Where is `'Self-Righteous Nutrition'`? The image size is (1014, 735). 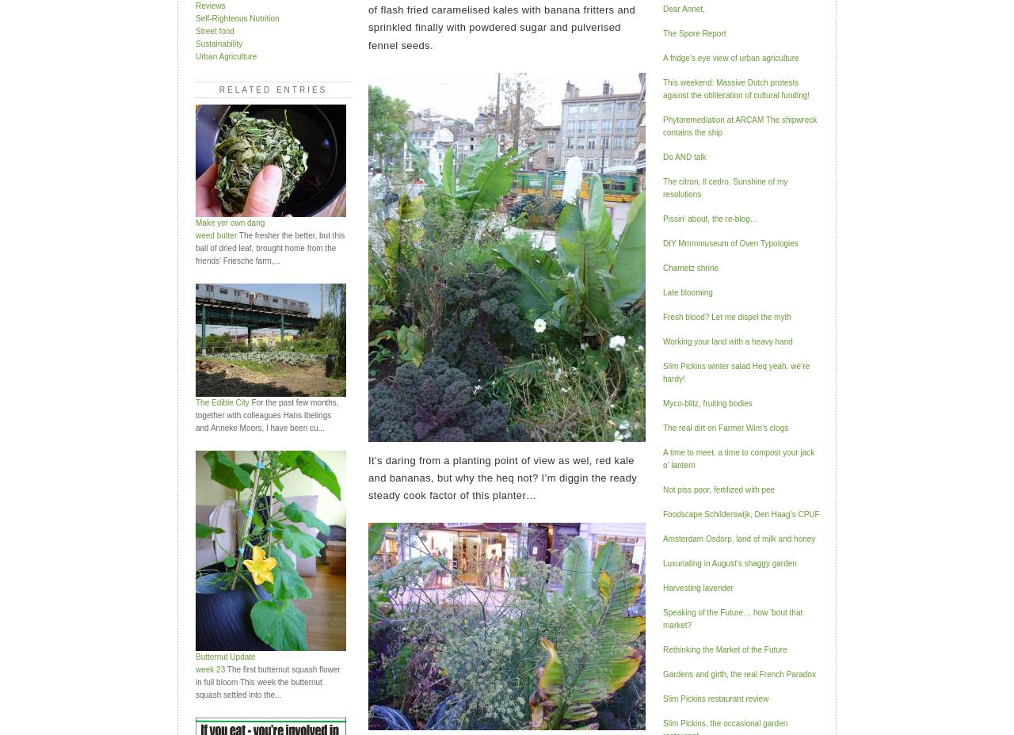 'Self-Righteous Nutrition' is located at coordinates (236, 17).